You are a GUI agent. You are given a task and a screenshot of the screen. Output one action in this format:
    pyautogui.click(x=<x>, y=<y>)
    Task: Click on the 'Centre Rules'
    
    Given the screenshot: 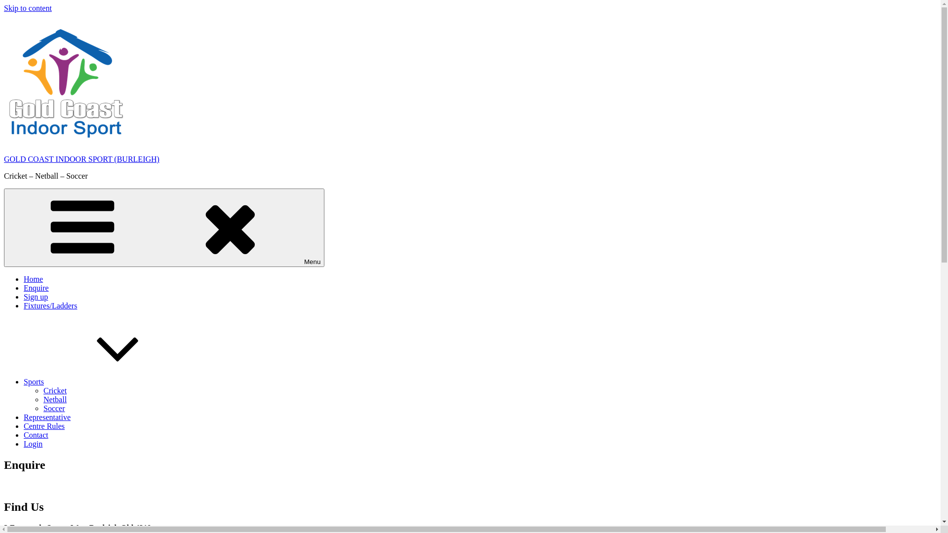 What is the action you would take?
    pyautogui.click(x=43, y=425)
    